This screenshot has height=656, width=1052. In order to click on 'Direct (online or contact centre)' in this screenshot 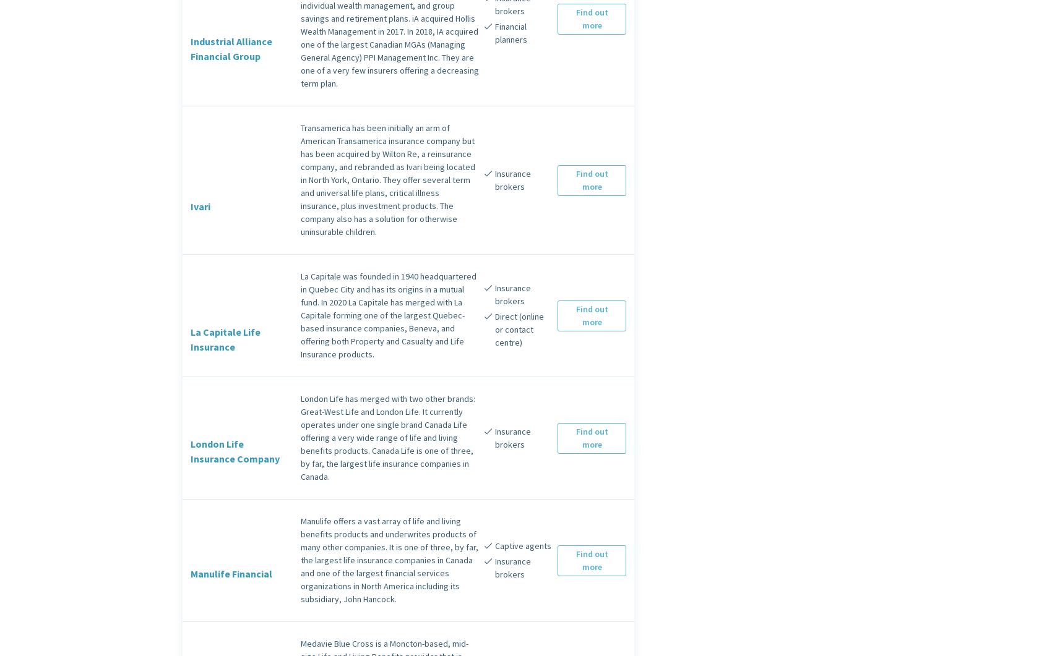, I will do `click(518, 329)`.